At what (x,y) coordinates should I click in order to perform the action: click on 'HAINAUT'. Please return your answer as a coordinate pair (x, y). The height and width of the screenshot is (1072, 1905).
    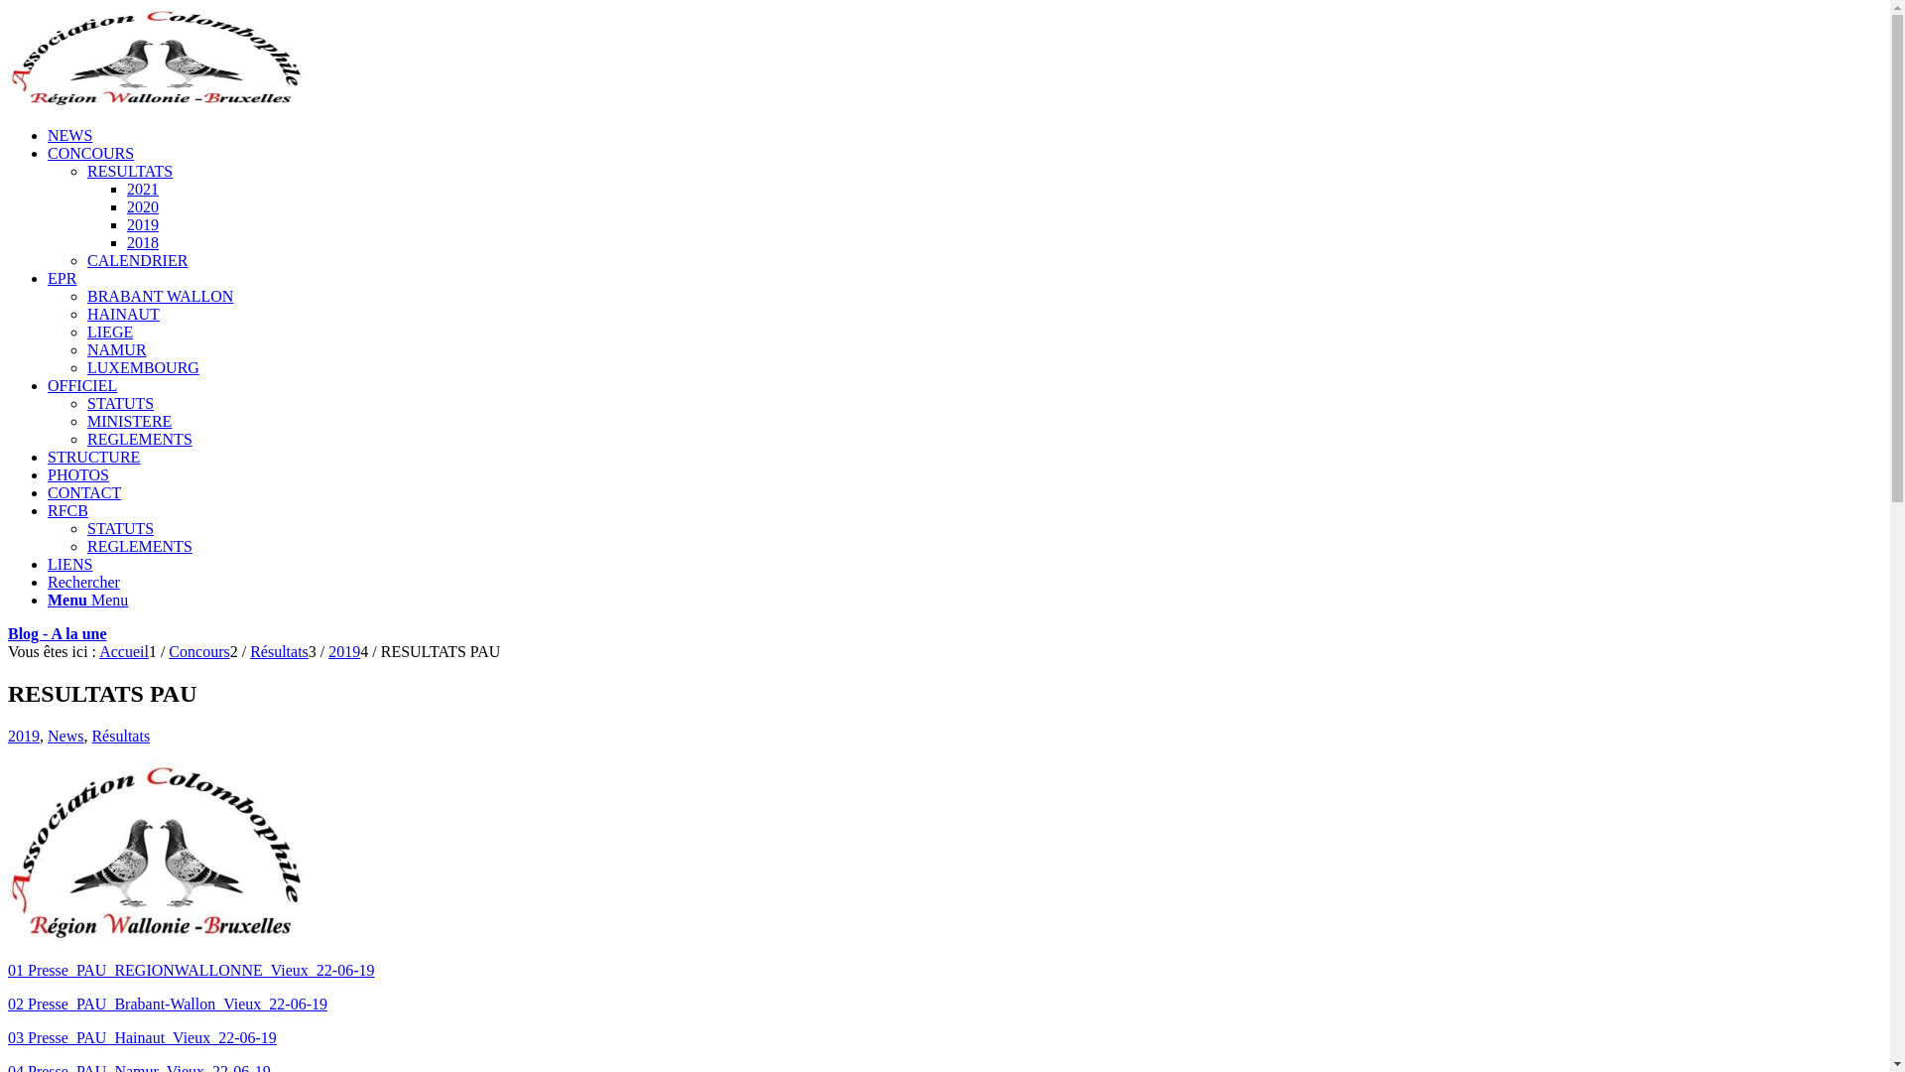
    Looking at the image, I should click on (85, 313).